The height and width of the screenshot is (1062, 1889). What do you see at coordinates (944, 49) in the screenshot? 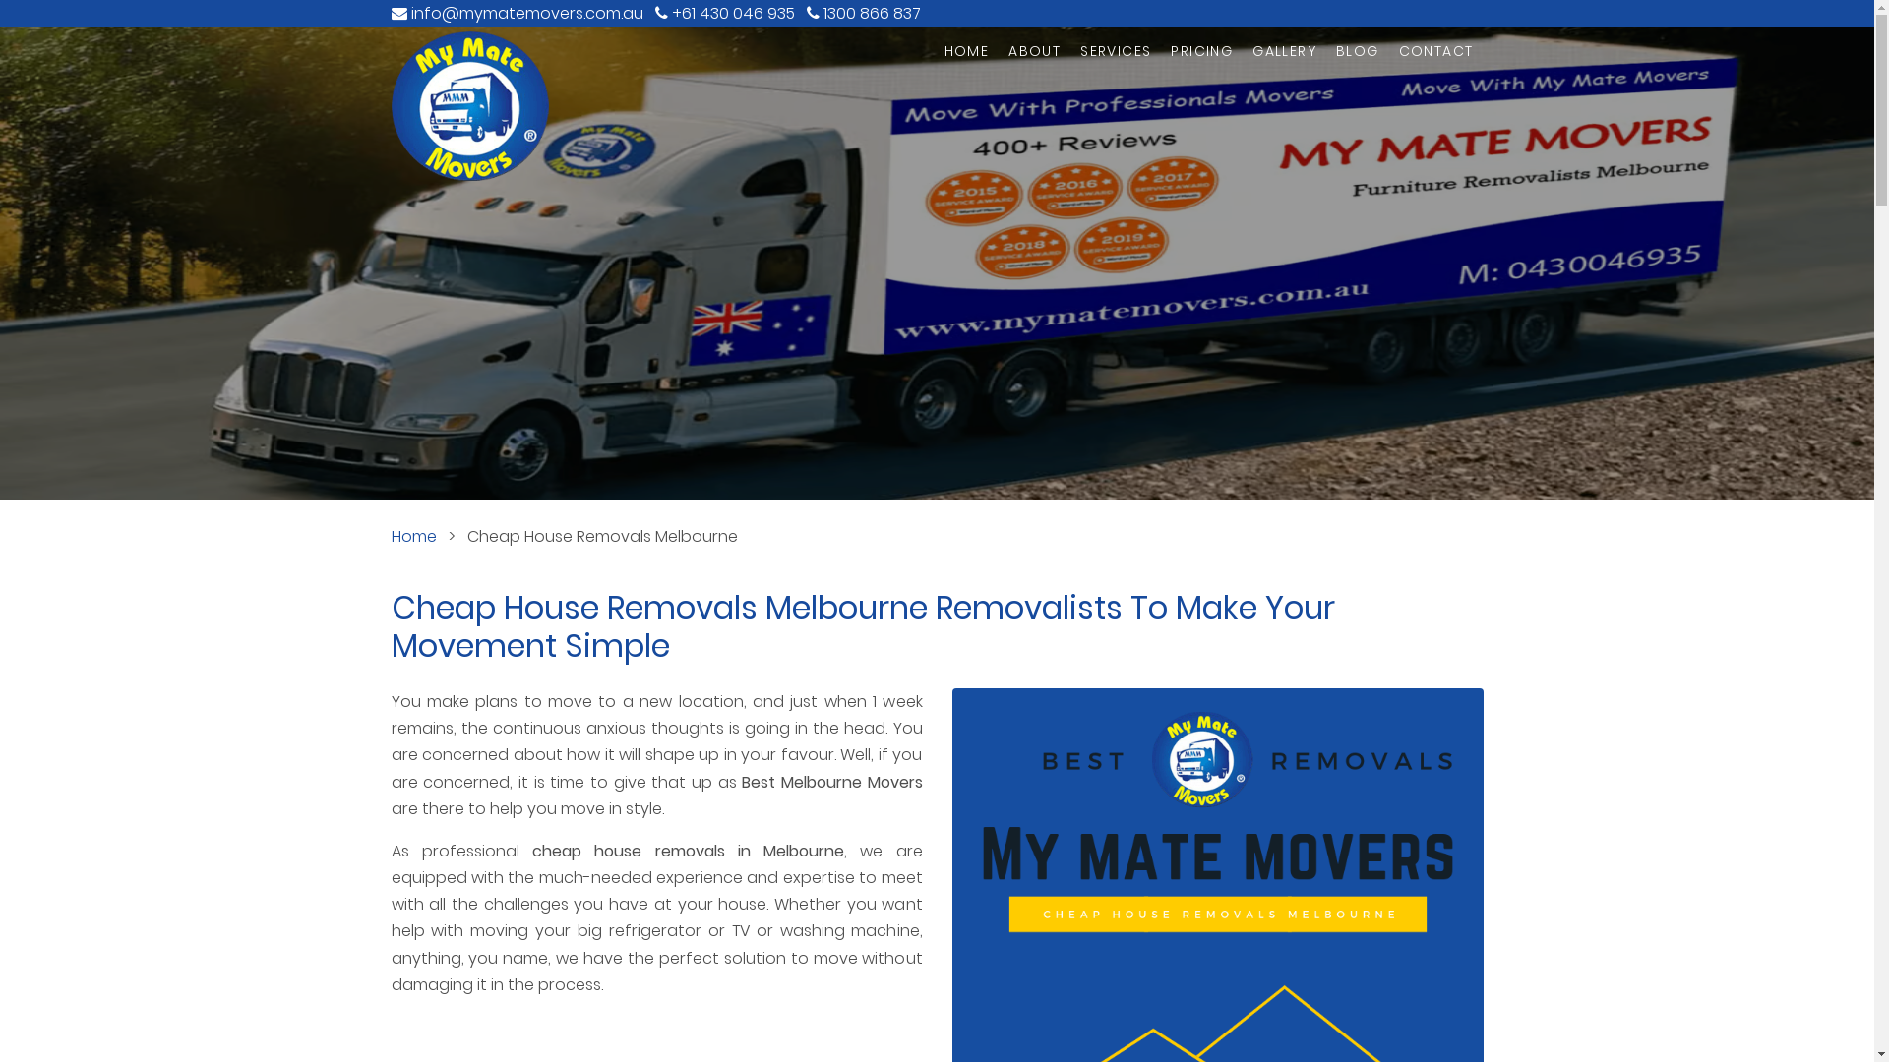
I see `'HOME'` at bounding box center [944, 49].